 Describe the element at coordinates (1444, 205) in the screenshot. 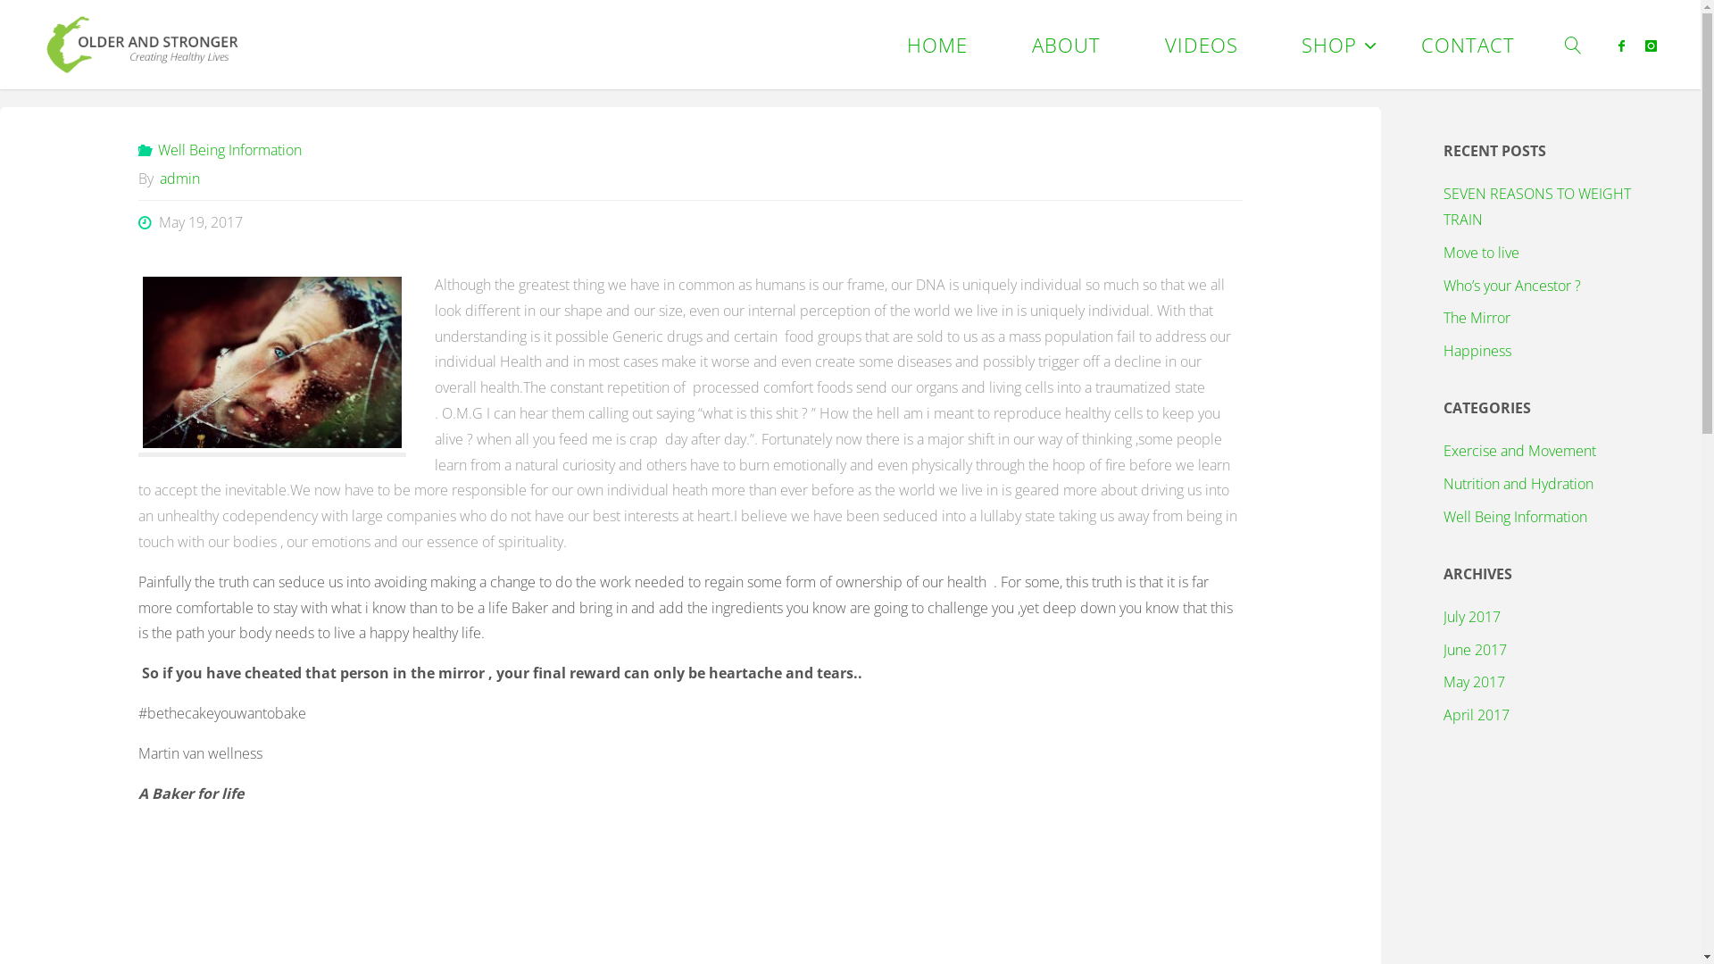

I see `'SEVEN REASONS TO WEIGHT TRAIN'` at that location.